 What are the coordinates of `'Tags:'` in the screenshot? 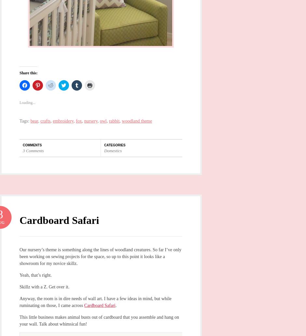 It's located at (19, 121).